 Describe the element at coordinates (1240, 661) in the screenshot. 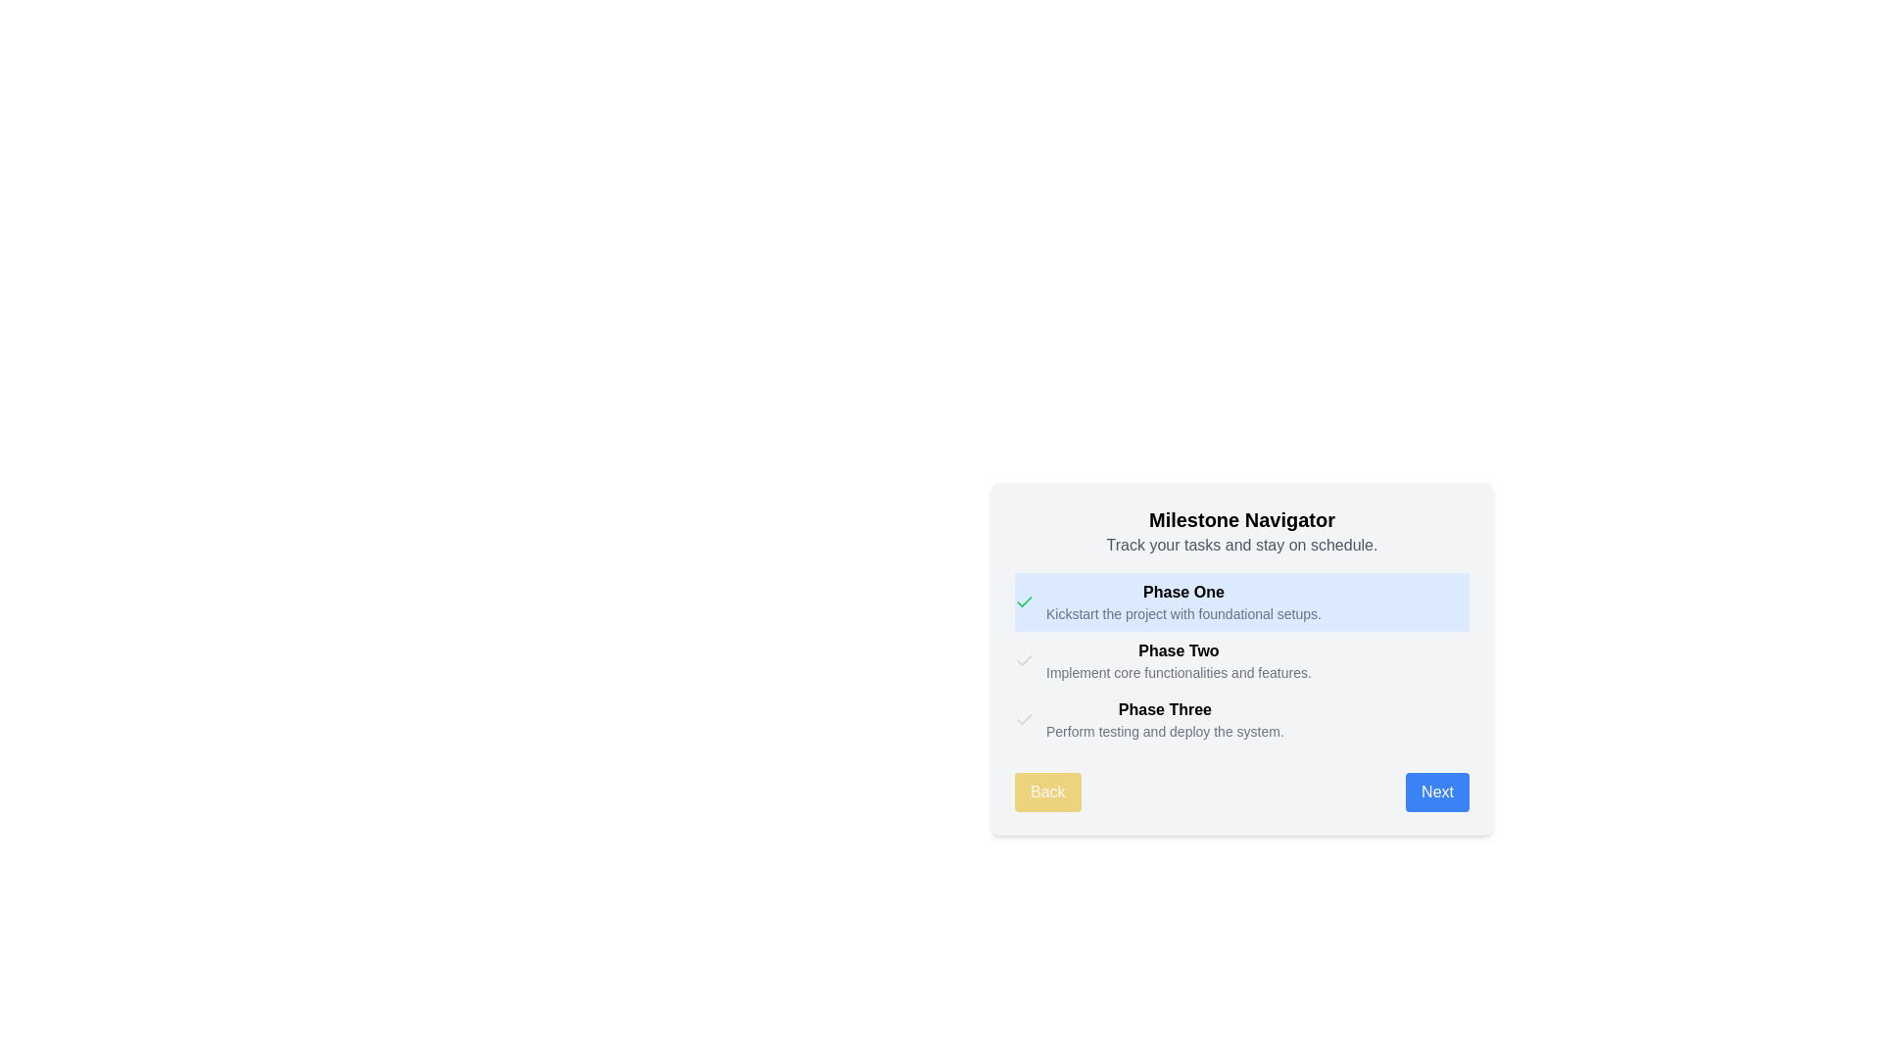

I see `the List item that displays 'Phase Two' with a checkmark icon, which includes the text 'Implement core functionalities and features.'` at that location.